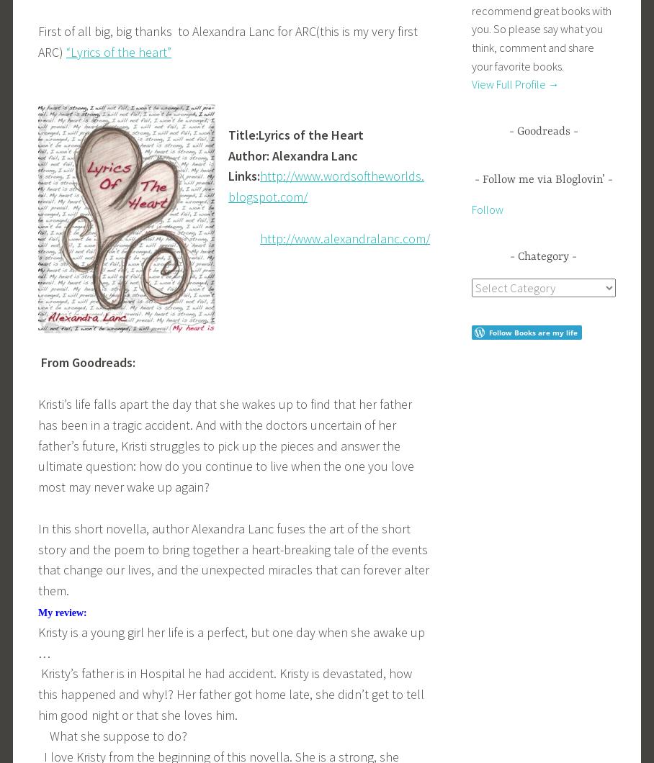 The height and width of the screenshot is (763, 654). Describe the element at coordinates (38, 613) in the screenshot. I see `'My review:'` at that location.